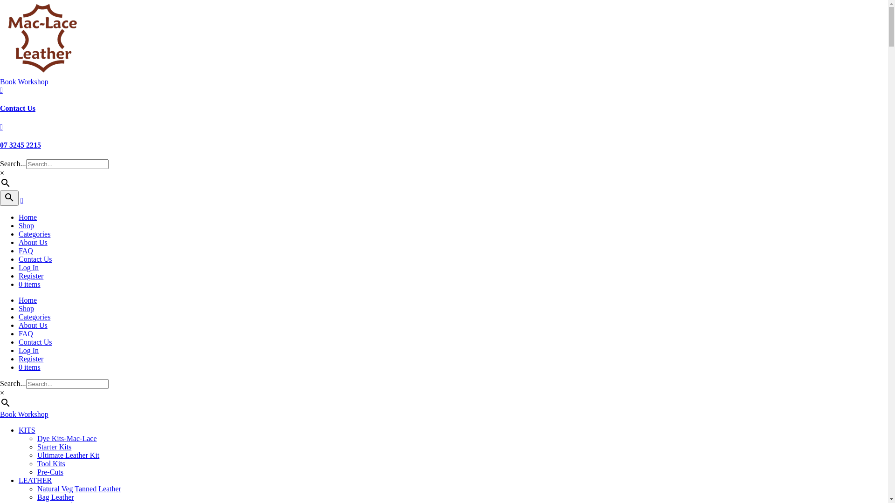 This screenshot has width=895, height=503. Describe the element at coordinates (18, 367) in the screenshot. I see `'0 items'` at that location.